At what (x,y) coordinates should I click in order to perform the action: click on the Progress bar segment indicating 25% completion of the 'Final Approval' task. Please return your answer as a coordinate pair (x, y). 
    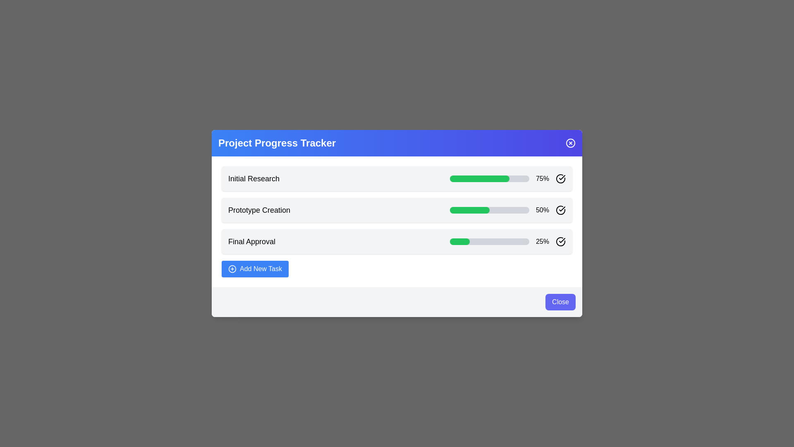
    Looking at the image, I should click on (459, 241).